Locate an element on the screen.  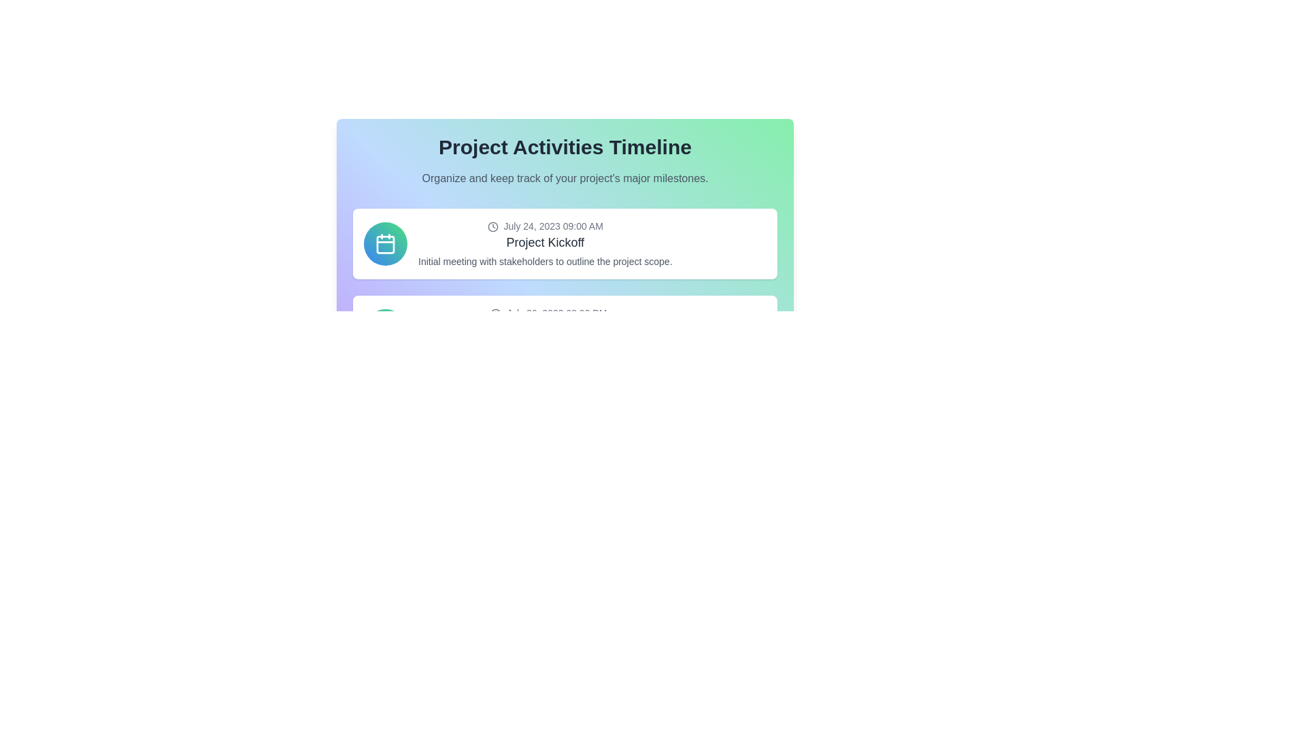
text content of the descriptive header located at the top center of the rounded box with a gradient background, which introduces the concept of tracking project activities and major milestones is located at coordinates (565, 160).